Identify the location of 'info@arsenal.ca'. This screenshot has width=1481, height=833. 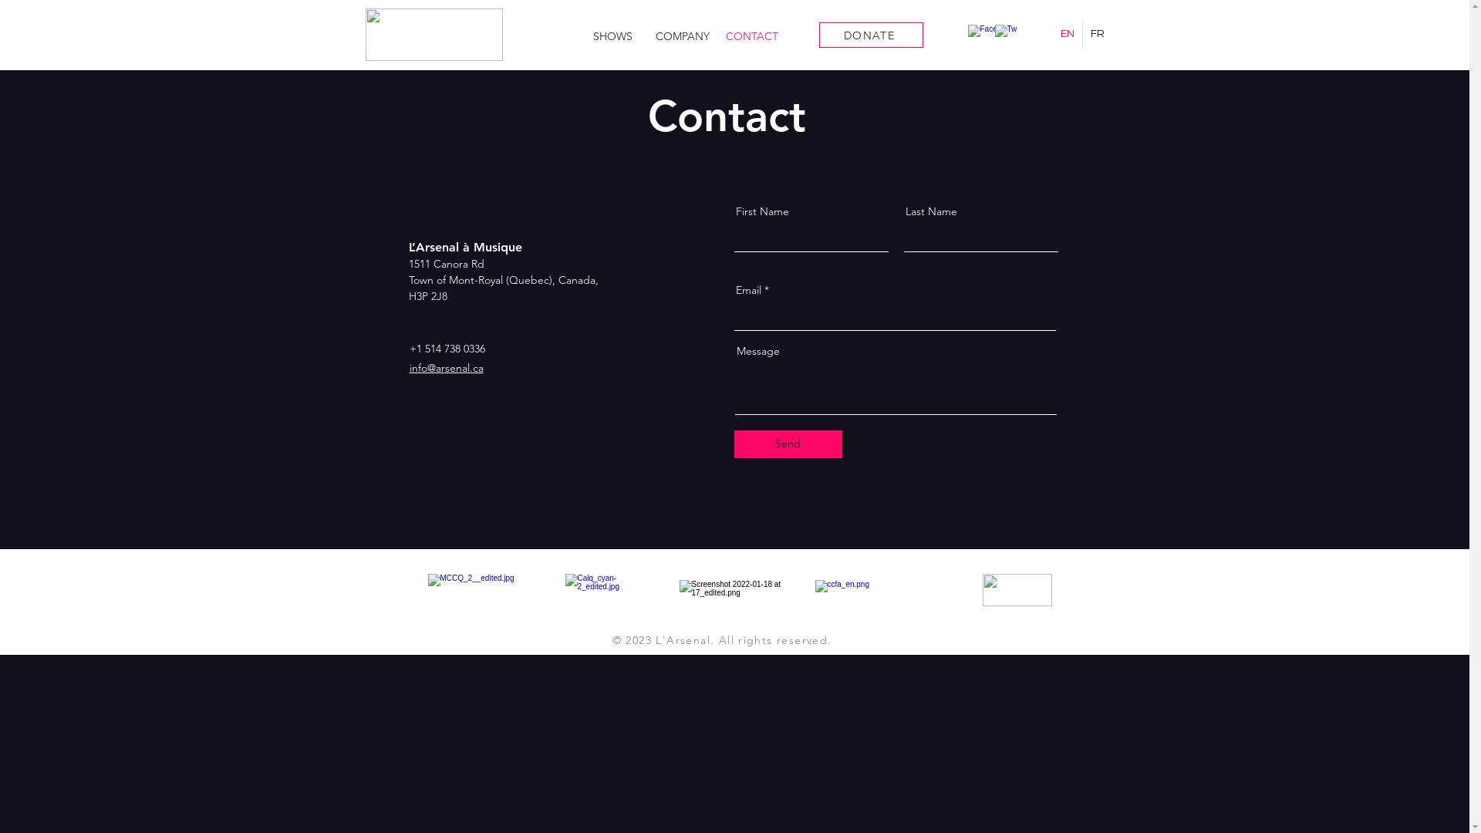
(444, 368).